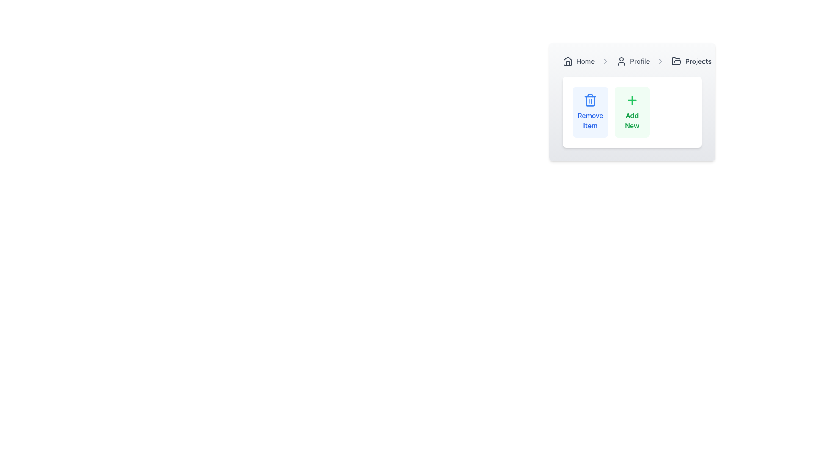 Image resolution: width=813 pixels, height=457 pixels. What do you see at coordinates (590, 101) in the screenshot?
I see `the blue trash bin icon located at the top center of the 'Remove Item' card` at bounding box center [590, 101].